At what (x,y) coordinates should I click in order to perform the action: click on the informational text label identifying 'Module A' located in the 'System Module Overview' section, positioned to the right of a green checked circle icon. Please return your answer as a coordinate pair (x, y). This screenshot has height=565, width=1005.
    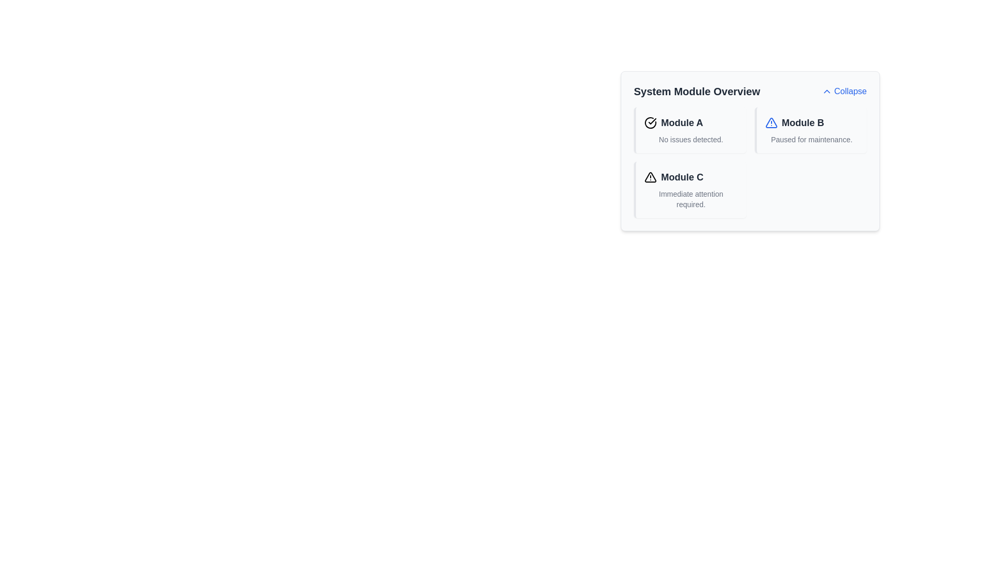
    Looking at the image, I should click on (682, 122).